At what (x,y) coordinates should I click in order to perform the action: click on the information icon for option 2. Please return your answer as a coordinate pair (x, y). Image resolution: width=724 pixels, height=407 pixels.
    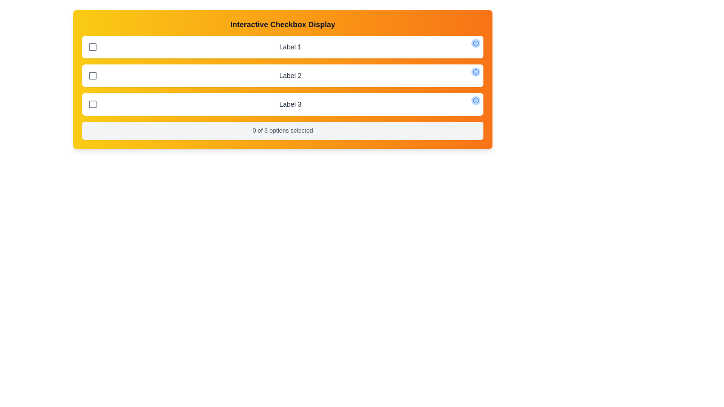
    Looking at the image, I should click on (476, 72).